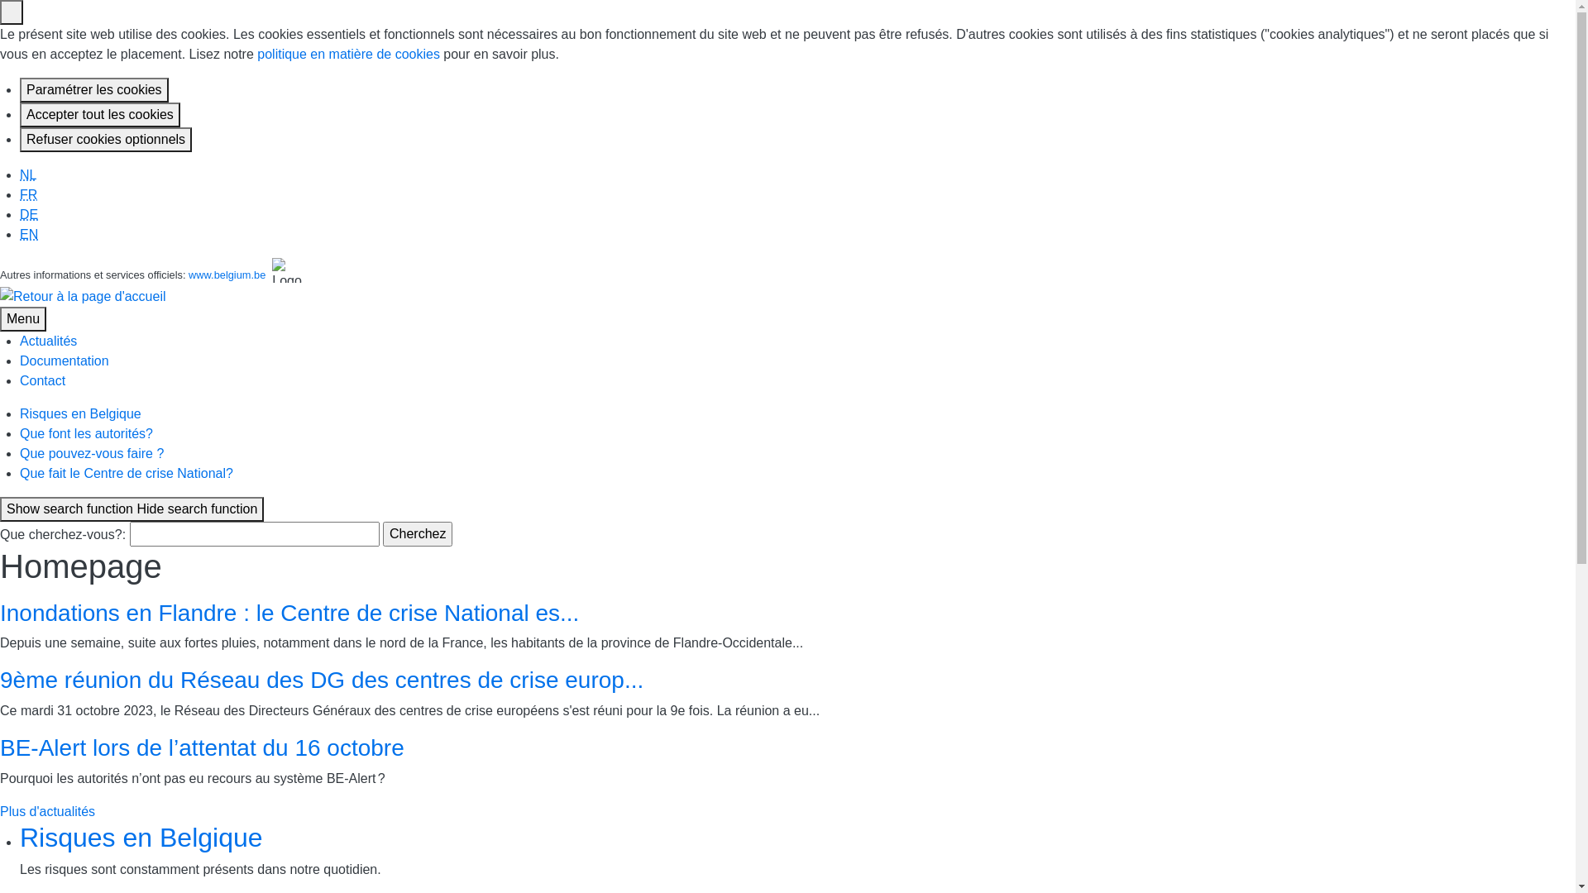 Image resolution: width=1588 pixels, height=893 pixels. What do you see at coordinates (20, 413) in the screenshot?
I see `'Risques en Belgique'` at bounding box center [20, 413].